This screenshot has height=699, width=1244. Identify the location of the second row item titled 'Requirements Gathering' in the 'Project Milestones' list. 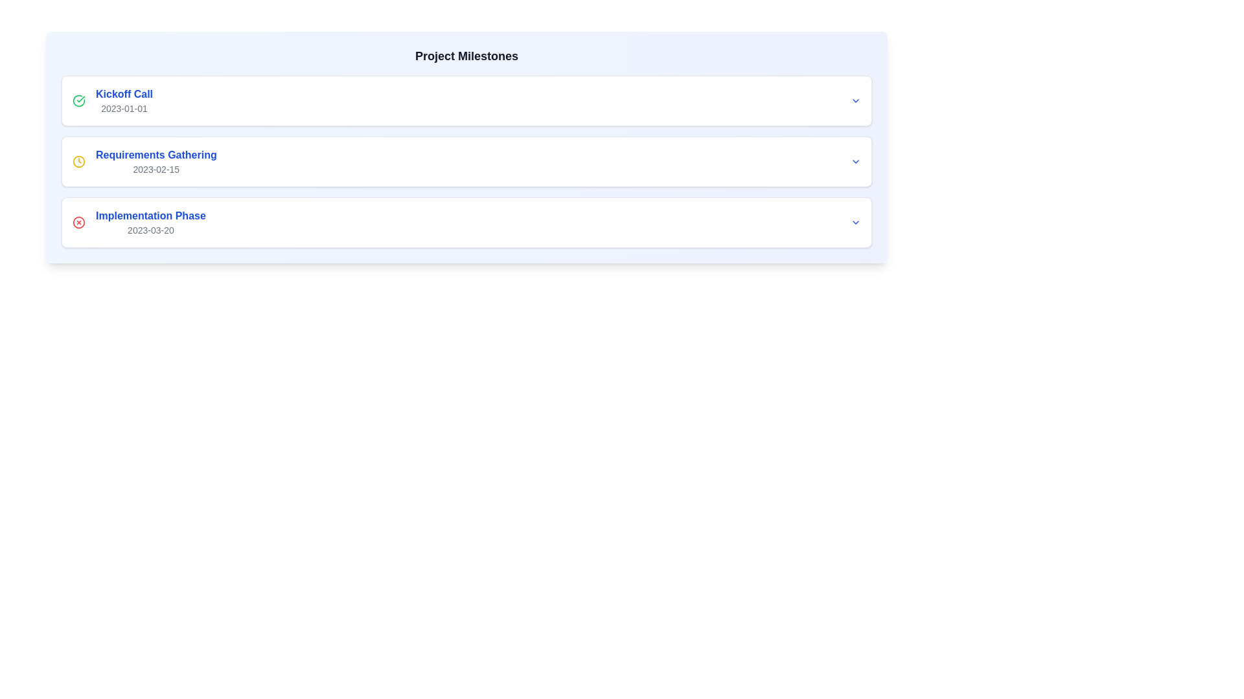
(466, 161).